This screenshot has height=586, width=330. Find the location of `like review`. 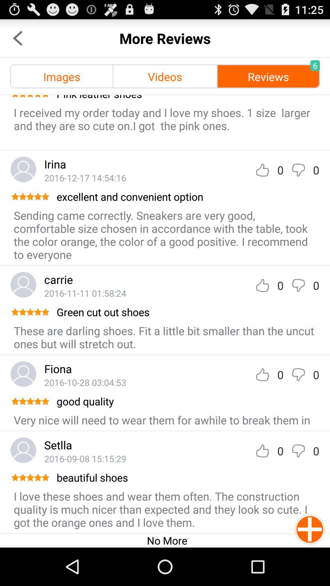

like review is located at coordinates (262, 170).